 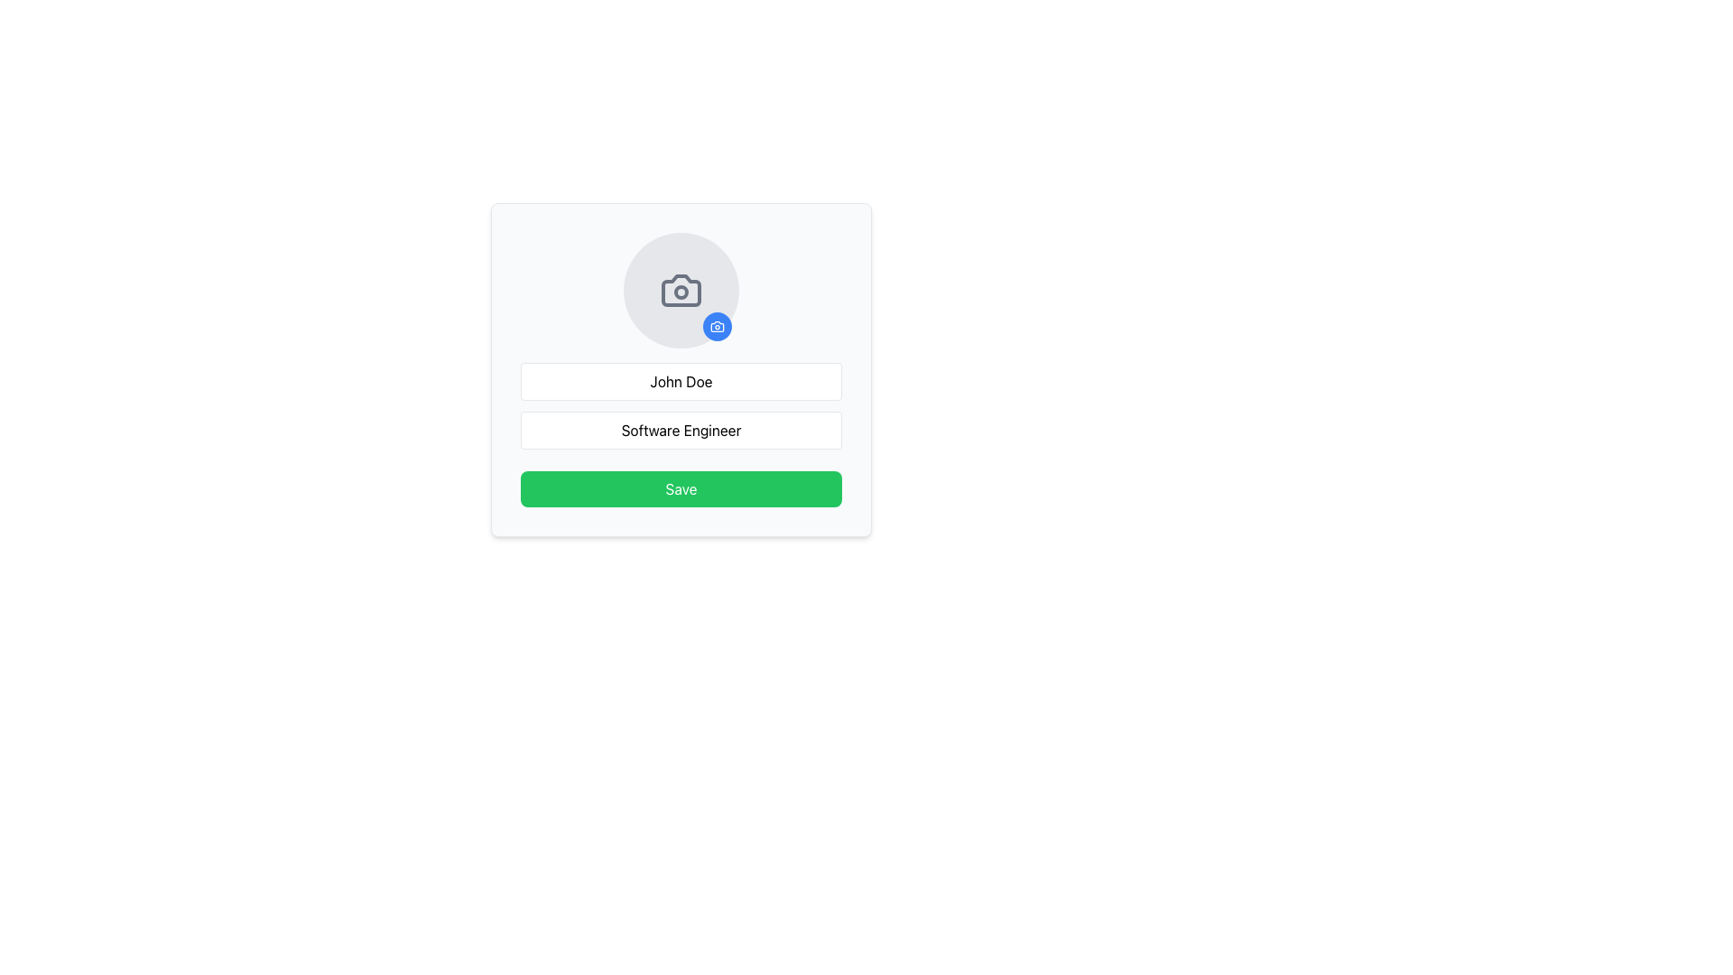 What do you see at coordinates (717, 327) in the screenshot?
I see `the upload or edit icon located within the rounded button at the bottom-right corner of the profile picture` at bounding box center [717, 327].